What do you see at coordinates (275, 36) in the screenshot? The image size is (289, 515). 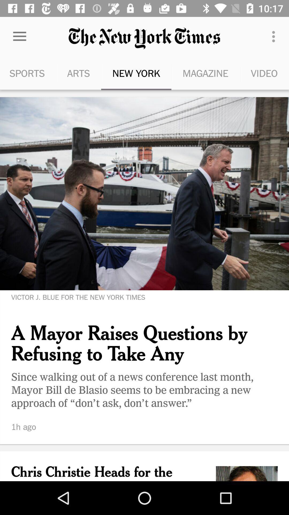 I see `the icon to the right of the magazine item` at bounding box center [275, 36].